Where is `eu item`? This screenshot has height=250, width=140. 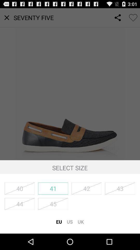
eu item is located at coordinates (59, 221).